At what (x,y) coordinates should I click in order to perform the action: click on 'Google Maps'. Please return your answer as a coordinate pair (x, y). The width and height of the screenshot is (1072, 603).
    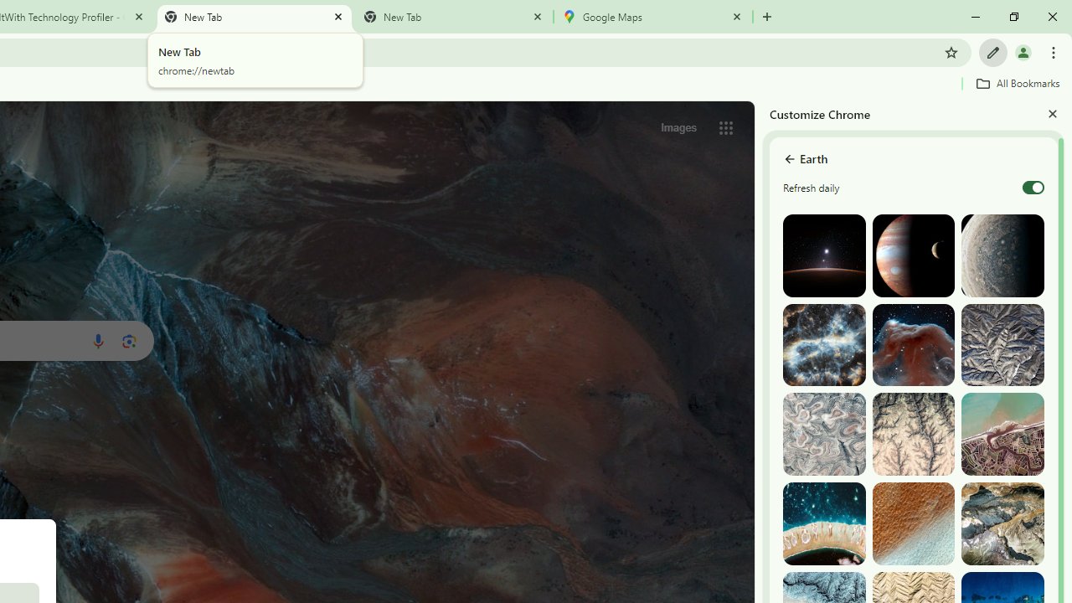
    Looking at the image, I should click on (652, 17).